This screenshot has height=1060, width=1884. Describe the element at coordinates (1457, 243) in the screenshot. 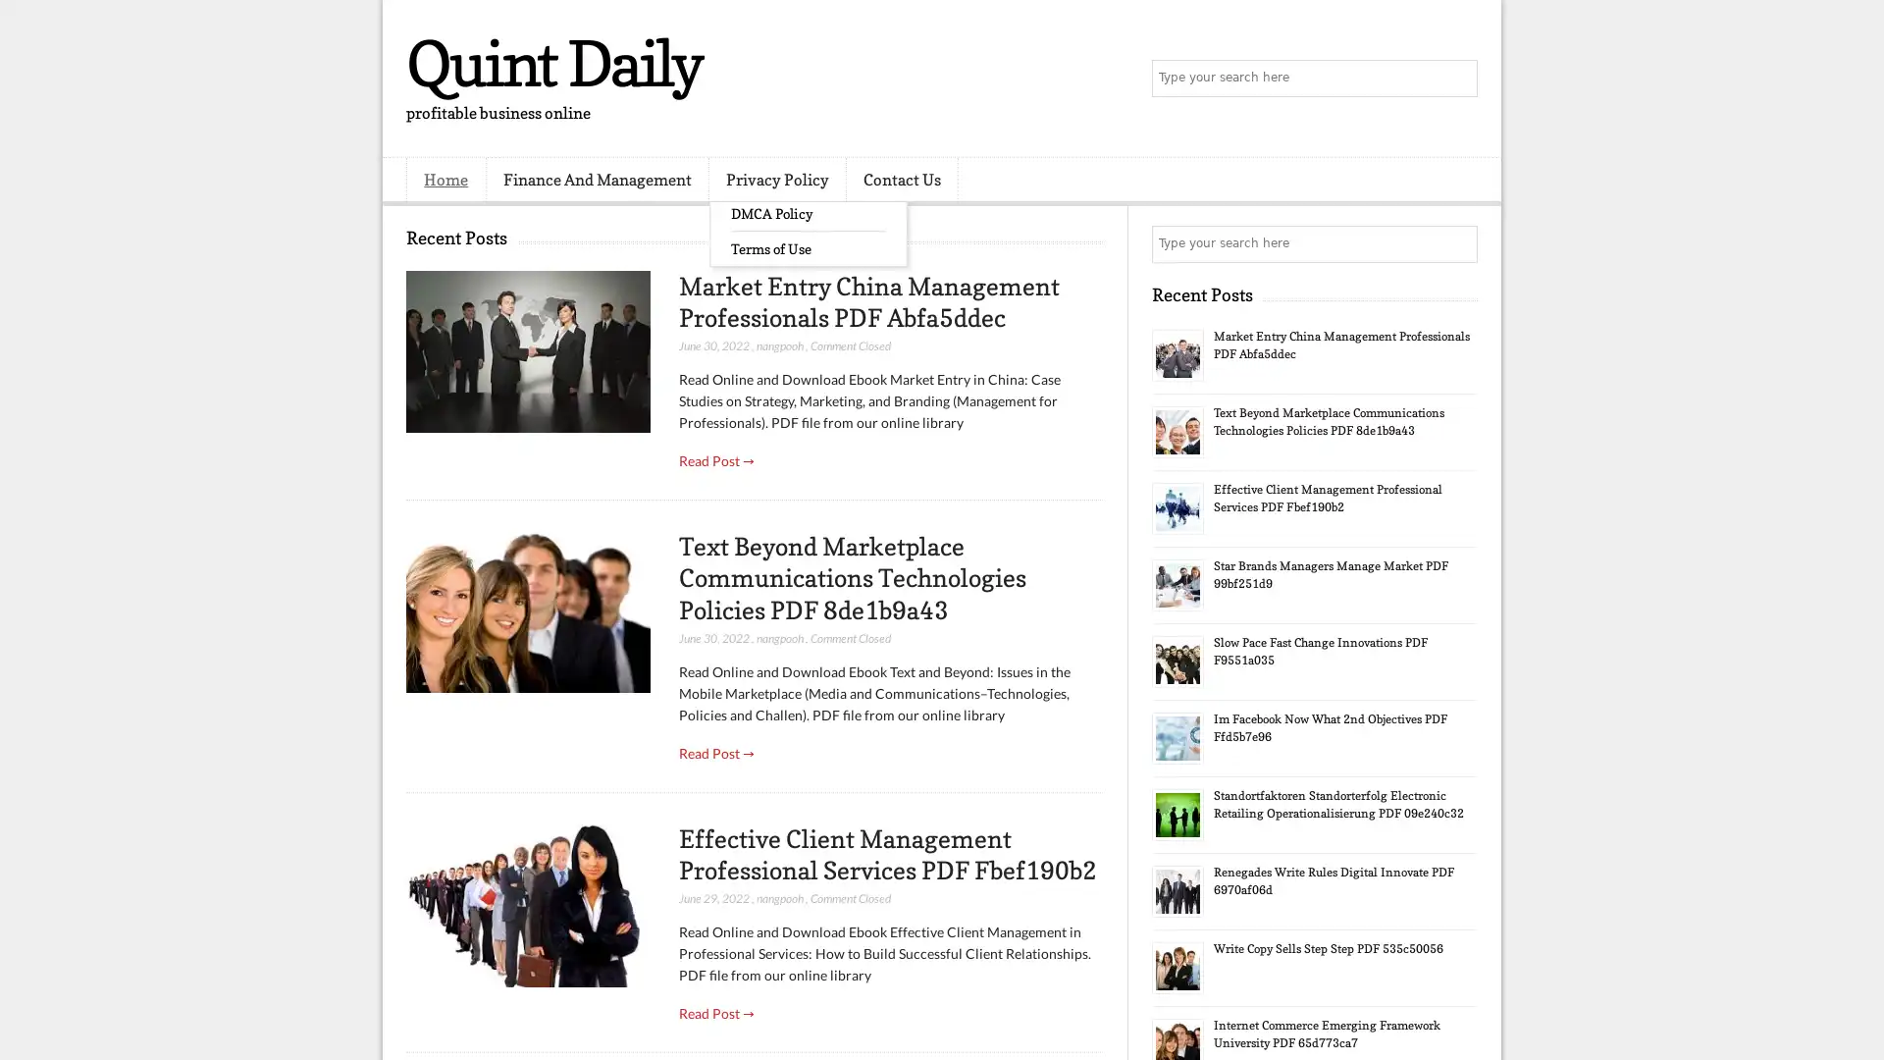

I see `Search` at that location.